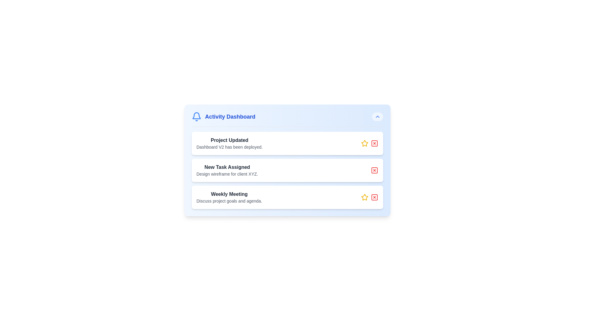 Image resolution: width=589 pixels, height=331 pixels. I want to click on the button in the upper-right corner of the Activity Dashboard, so click(377, 117).